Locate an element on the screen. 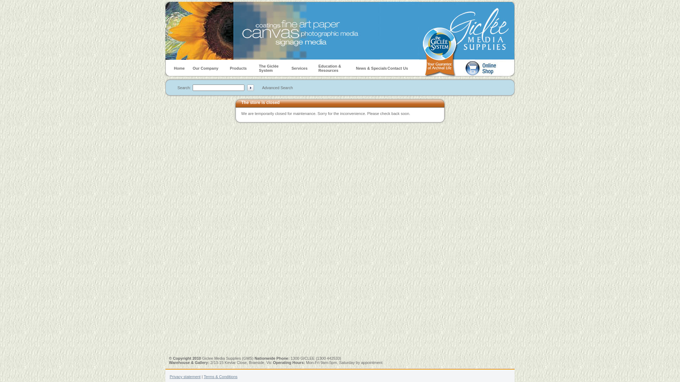 The image size is (680, 382). 'Products' is located at coordinates (238, 68).